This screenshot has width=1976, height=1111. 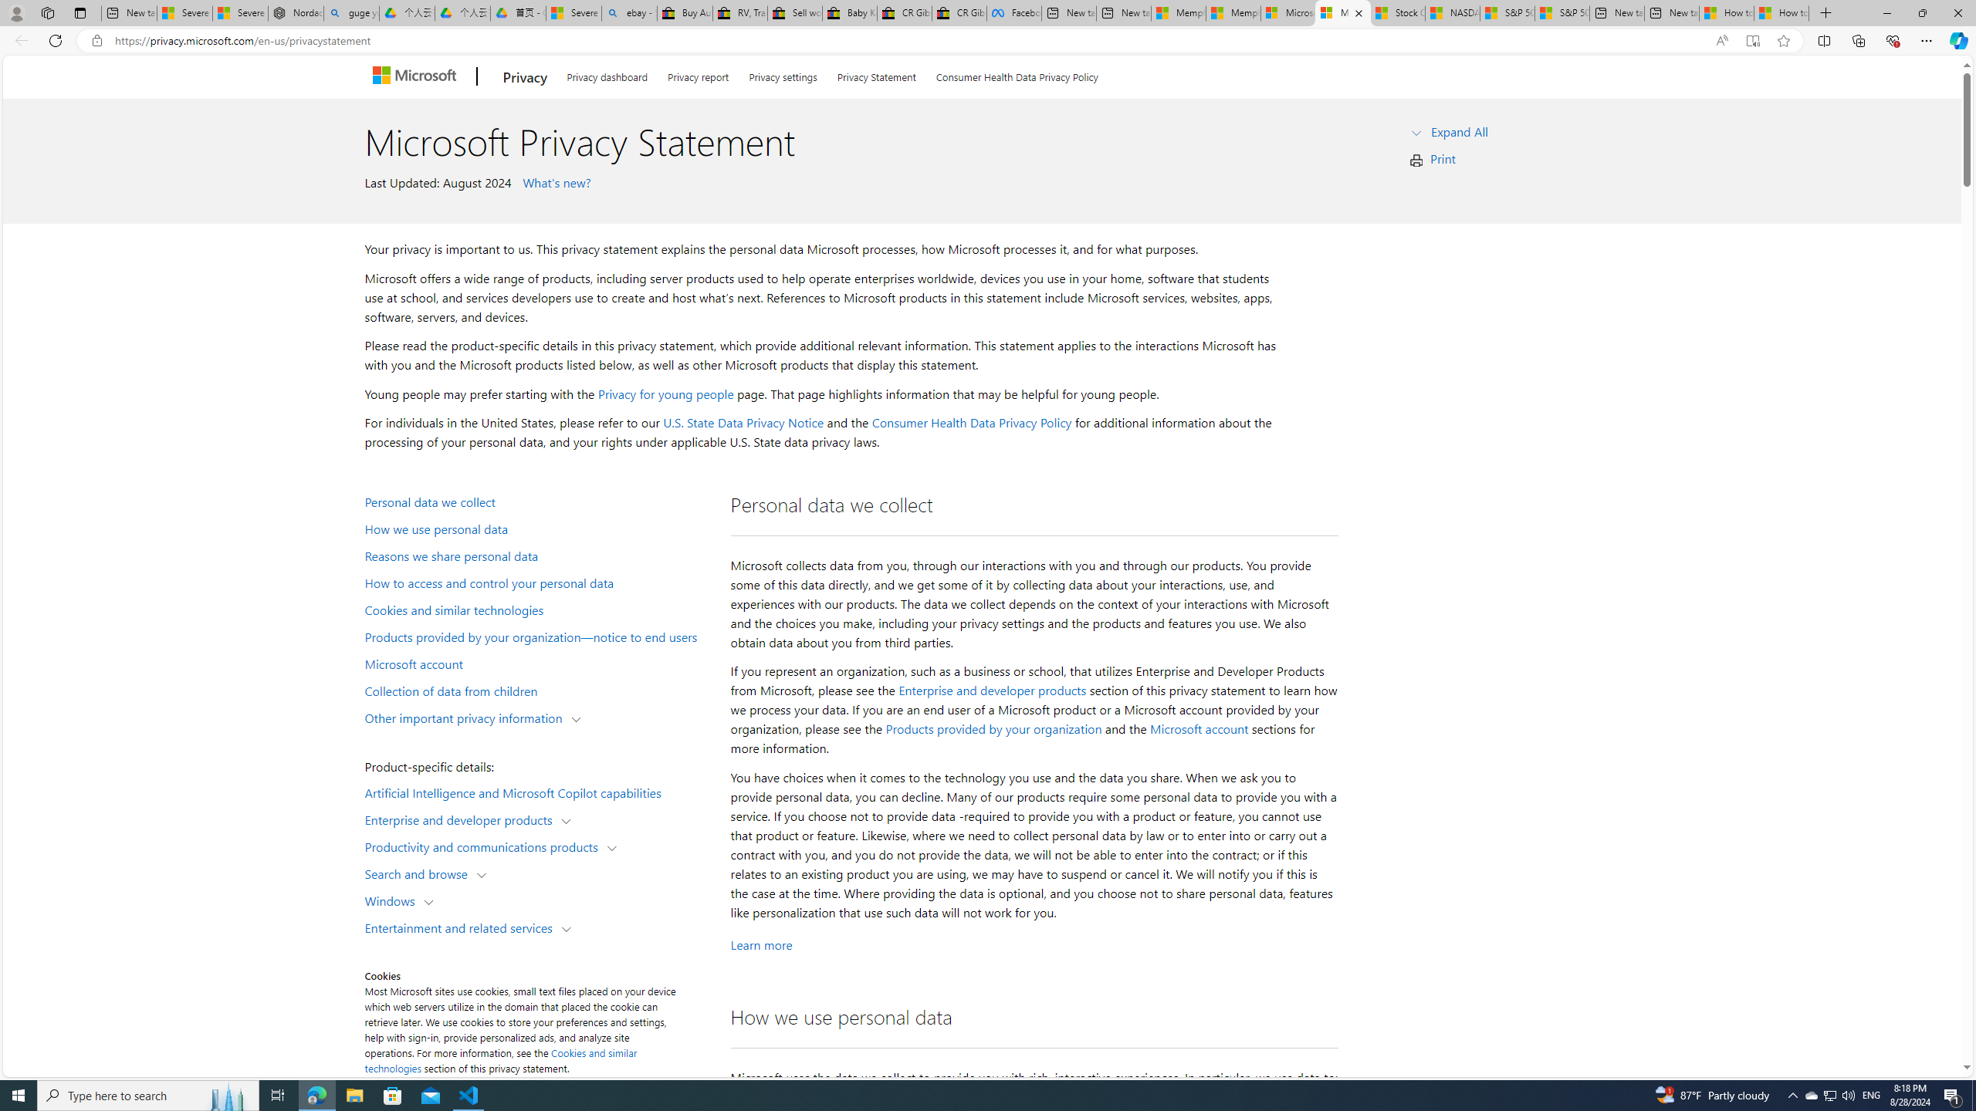 What do you see at coordinates (537, 555) in the screenshot?
I see `'Reasons we share personal data'` at bounding box center [537, 555].